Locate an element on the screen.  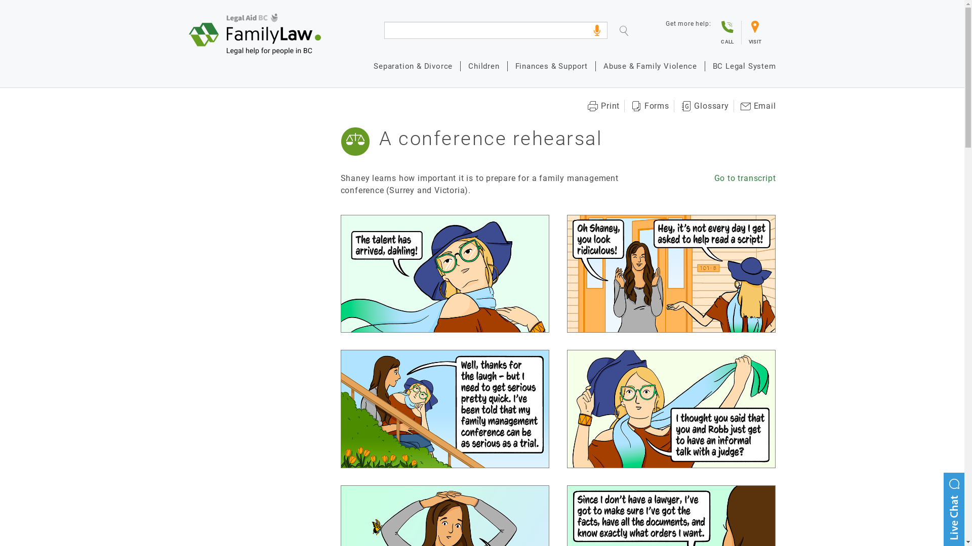
'BC Legal System' is located at coordinates (740, 66).